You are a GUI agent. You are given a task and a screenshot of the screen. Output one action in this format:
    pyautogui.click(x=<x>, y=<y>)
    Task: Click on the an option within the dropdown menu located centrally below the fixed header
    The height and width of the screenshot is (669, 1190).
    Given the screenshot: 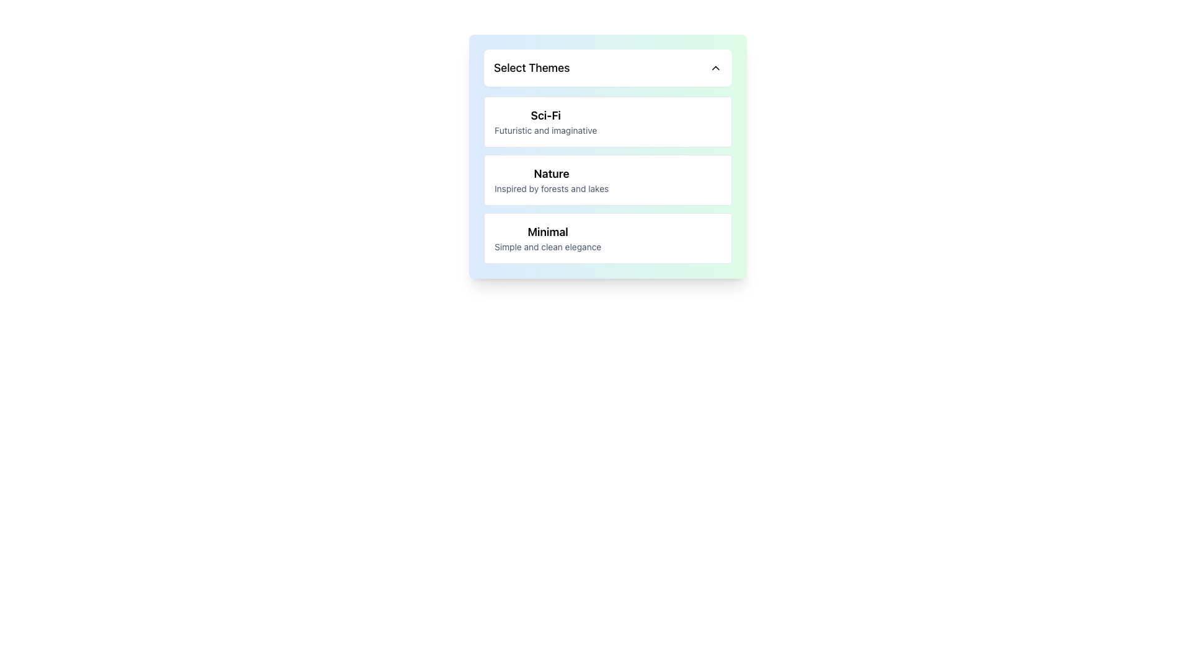 What is the action you would take?
    pyautogui.click(x=607, y=156)
    